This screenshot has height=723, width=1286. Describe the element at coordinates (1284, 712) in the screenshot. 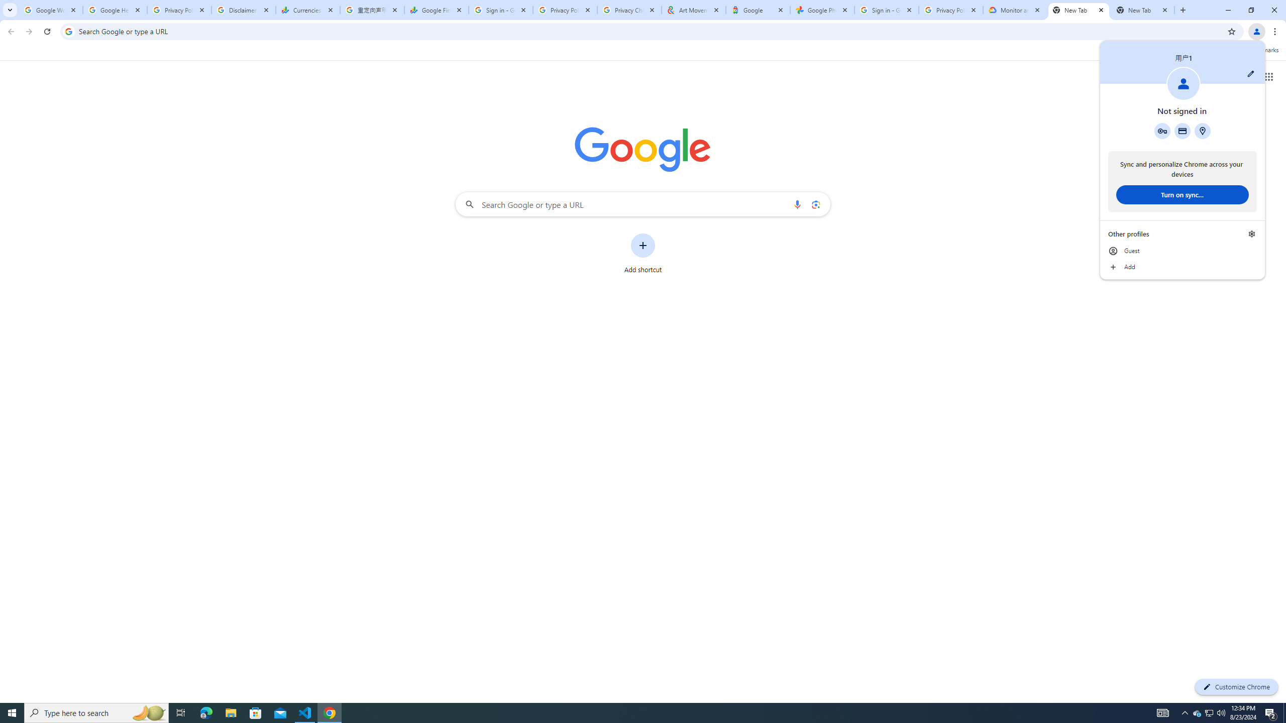

I see `'Show desktop'` at that location.